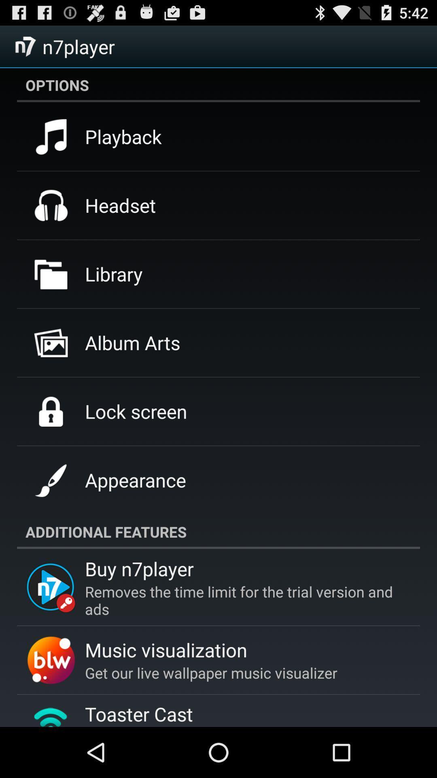 This screenshot has height=778, width=437. I want to click on icon above the additional features app, so click(135, 480).